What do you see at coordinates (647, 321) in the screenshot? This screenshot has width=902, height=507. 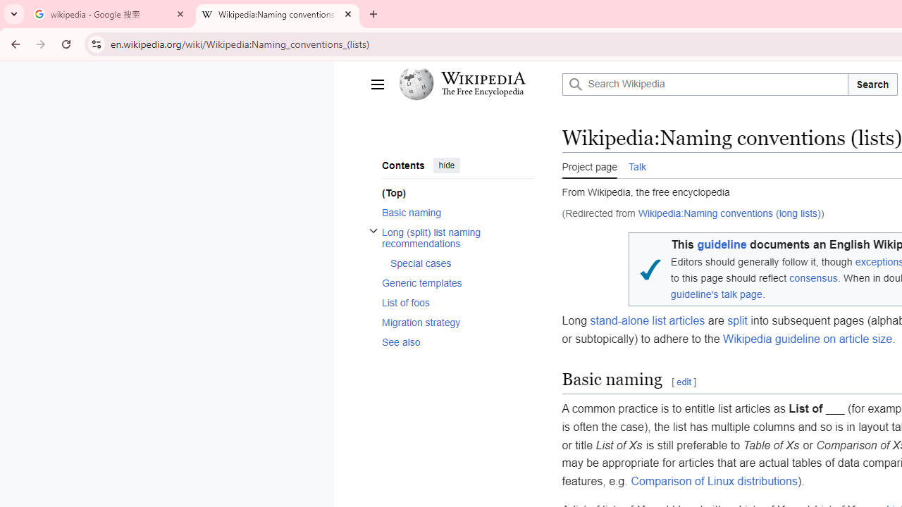 I see `'stand-alone list articles'` at bounding box center [647, 321].